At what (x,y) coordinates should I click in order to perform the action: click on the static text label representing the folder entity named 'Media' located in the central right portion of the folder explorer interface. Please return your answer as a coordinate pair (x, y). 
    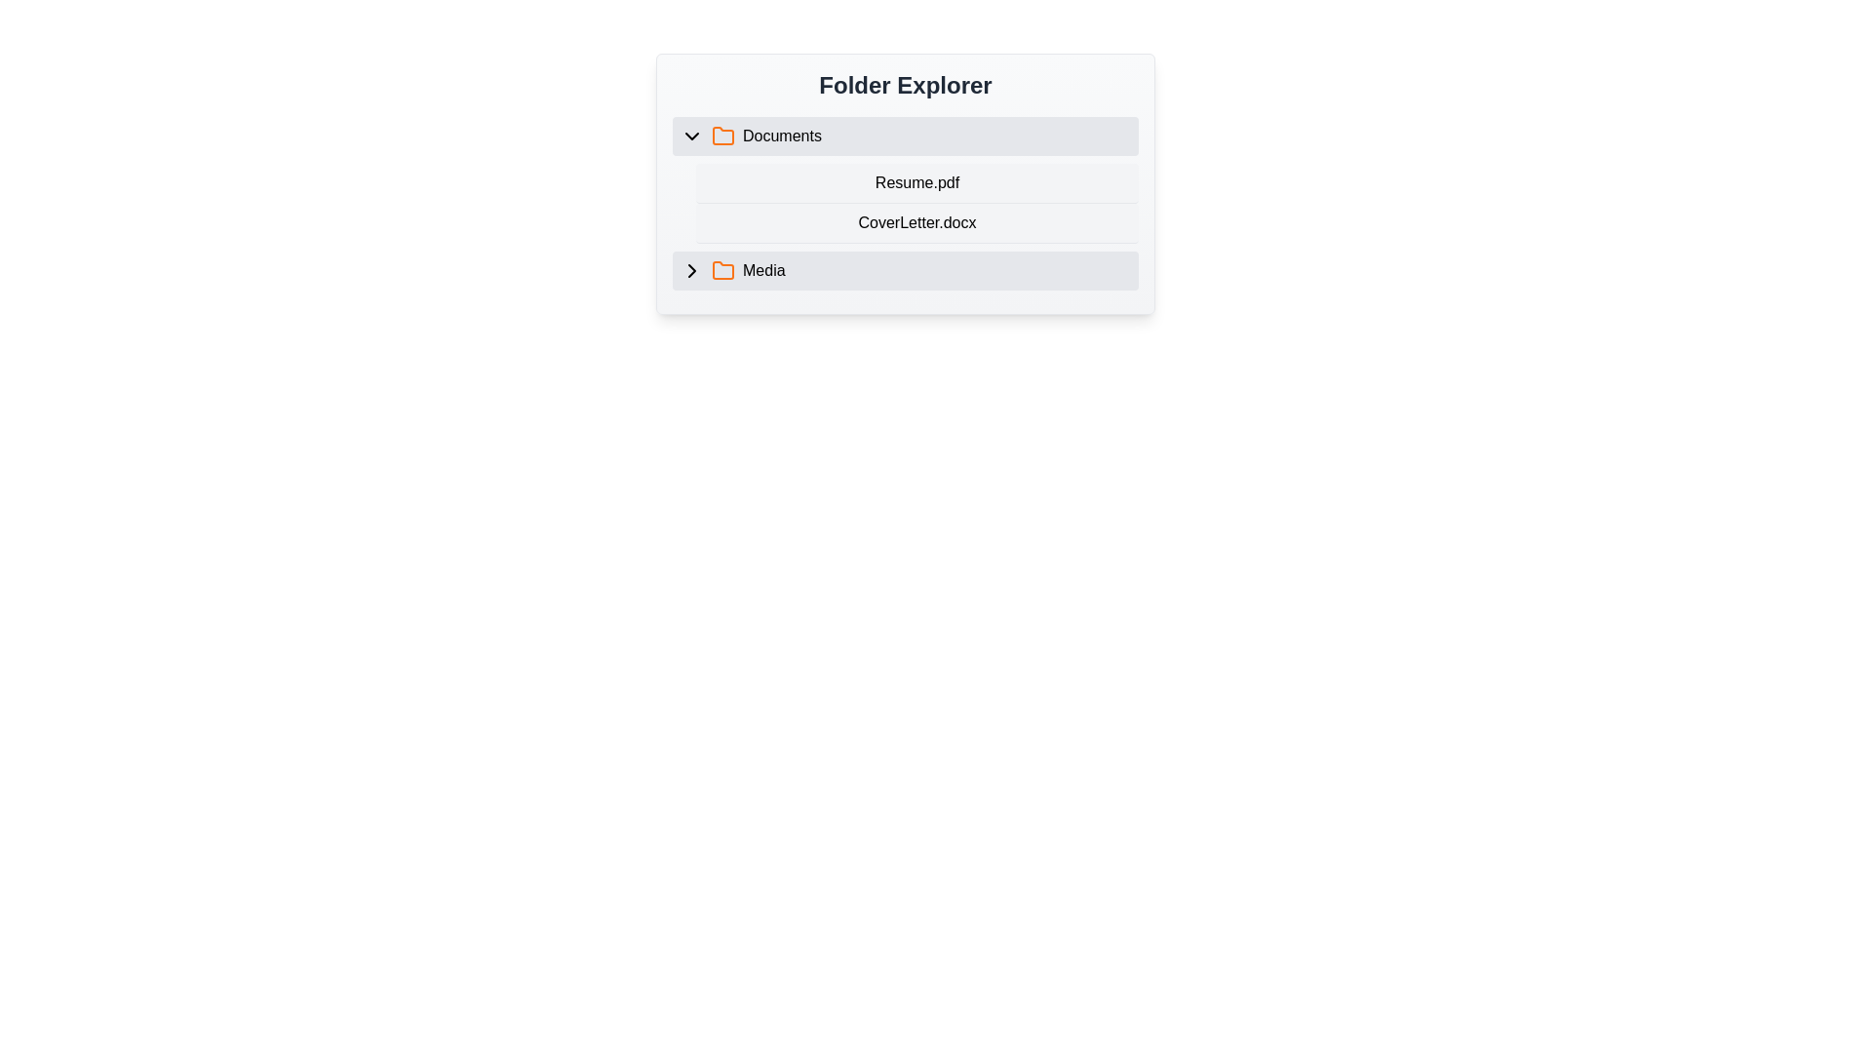
    Looking at the image, I should click on (762, 270).